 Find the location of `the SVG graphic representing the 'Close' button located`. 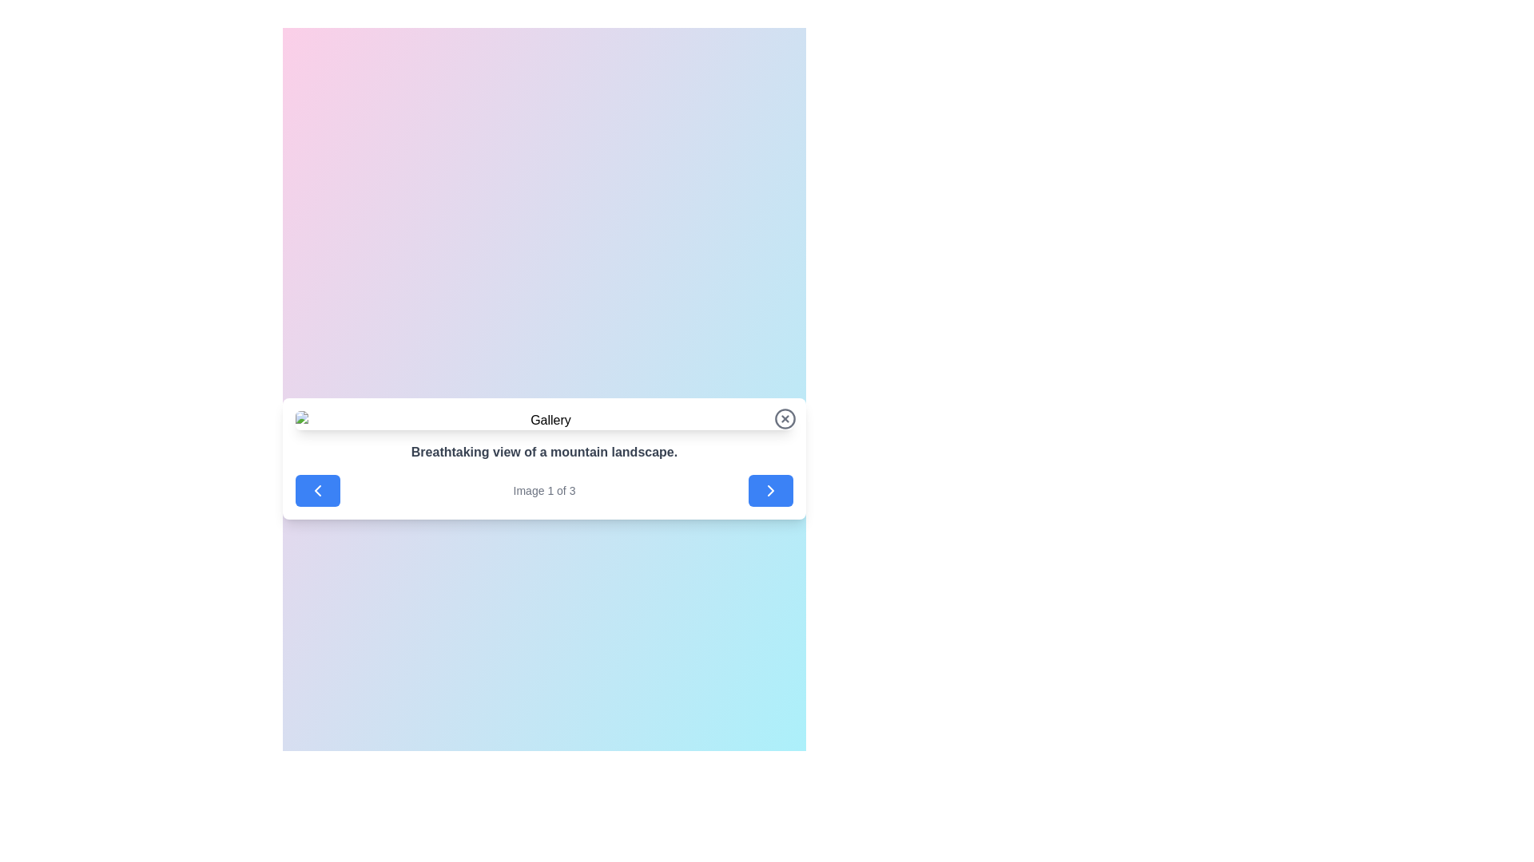

the SVG graphic representing the 'Close' button located is located at coordinates (785, 417).